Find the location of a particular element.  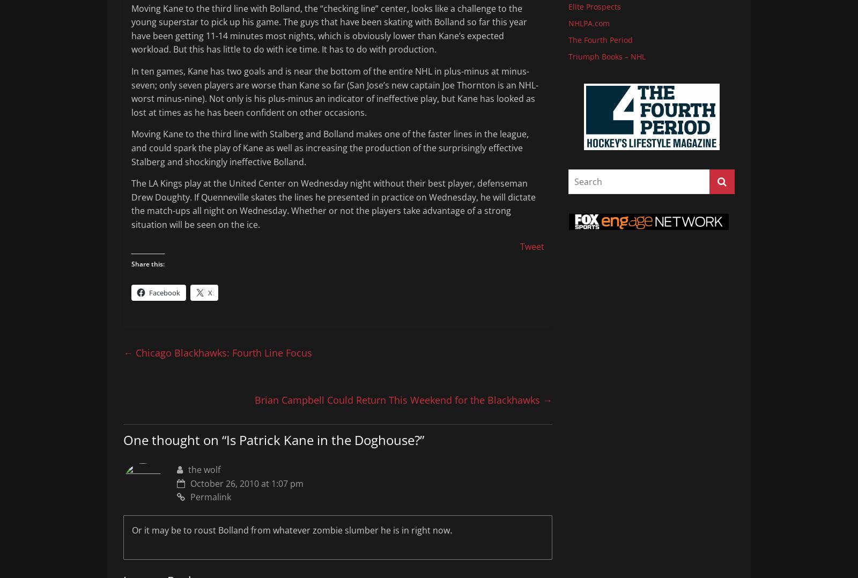

'Permalink' is located at coordinates (210, 496).